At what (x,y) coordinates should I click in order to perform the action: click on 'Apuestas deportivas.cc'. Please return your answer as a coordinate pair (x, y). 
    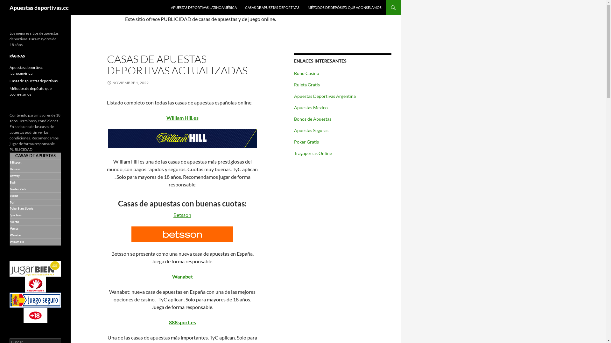
    Looking at the image, I should click on (39, 7).